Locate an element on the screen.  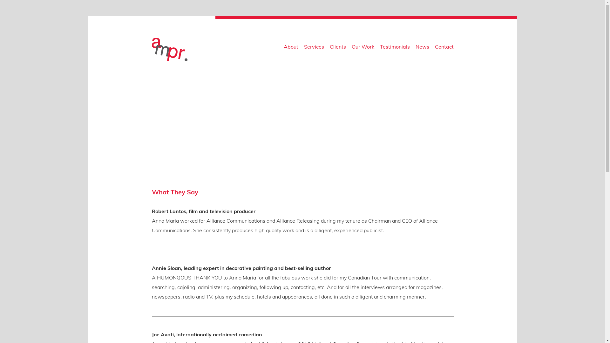
'Our Work' is located at coordinates (363, 48).